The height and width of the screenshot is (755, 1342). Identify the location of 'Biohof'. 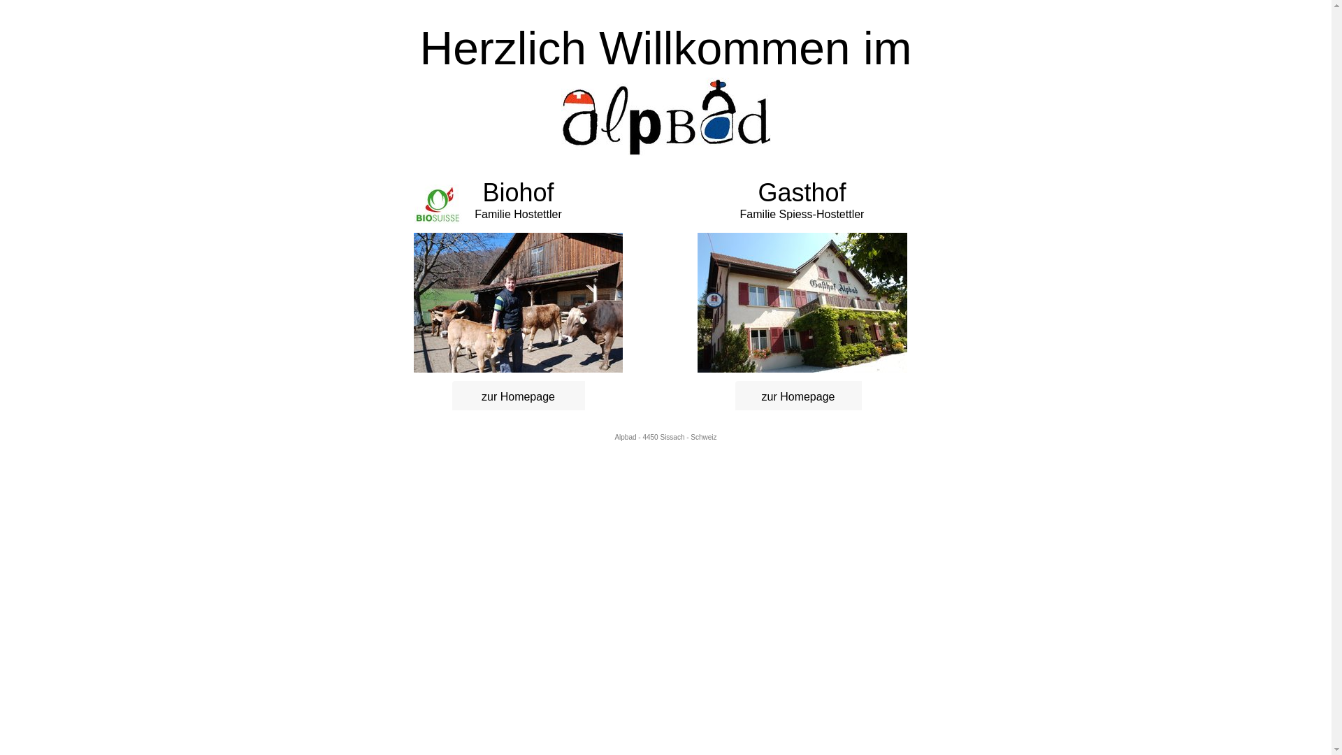
(482, 197).